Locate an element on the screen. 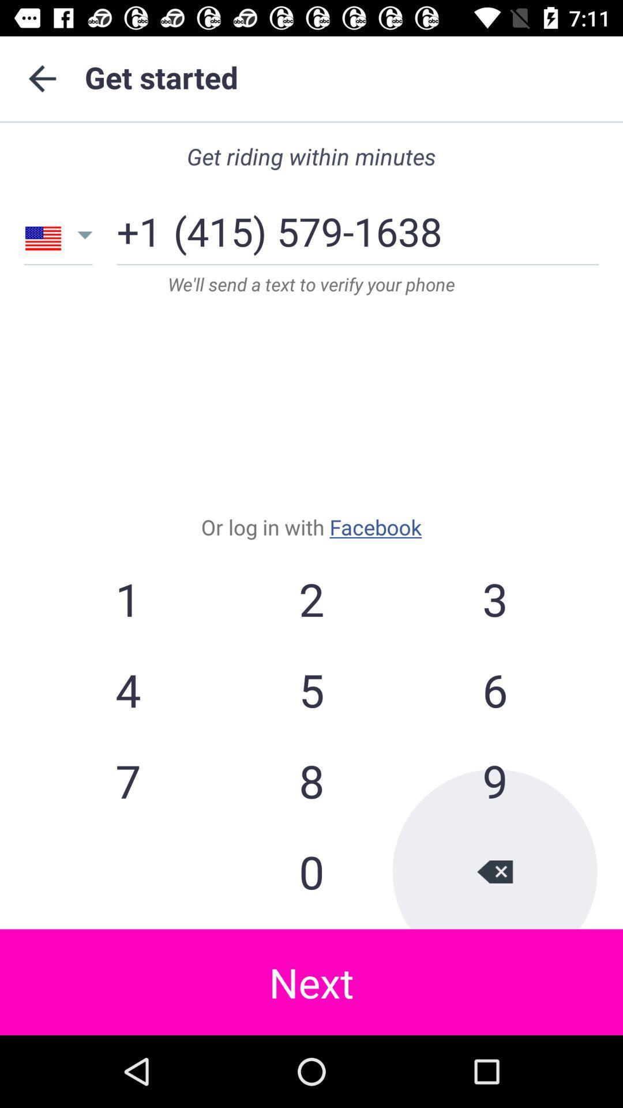  the item to the right of the 5 icon is located at coordinates (494, 781).